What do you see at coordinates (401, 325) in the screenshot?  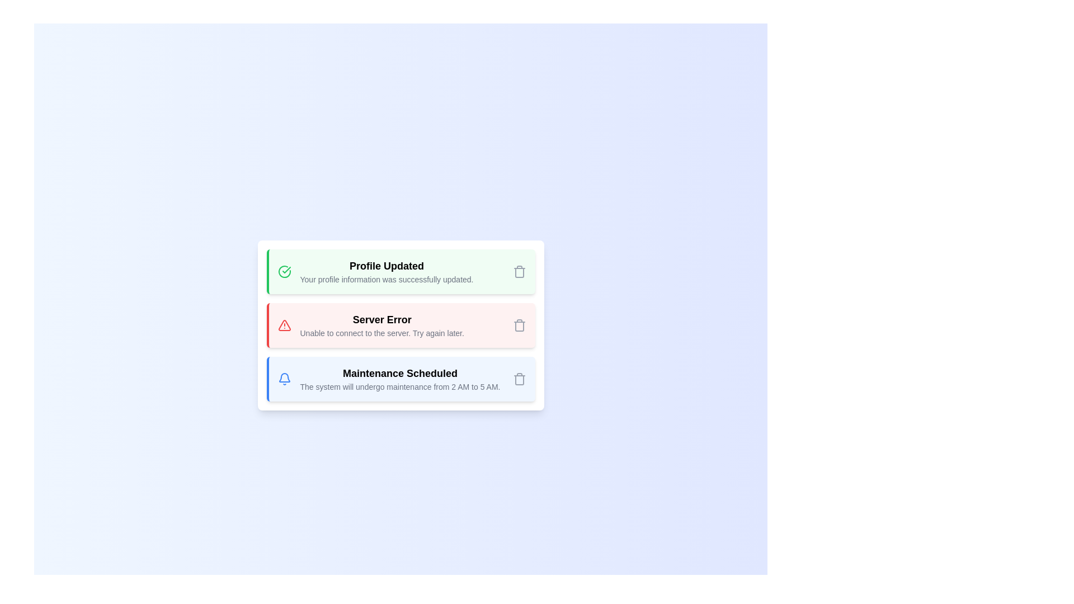 I see `the alert with type danger` at bounding box center [401, 325].